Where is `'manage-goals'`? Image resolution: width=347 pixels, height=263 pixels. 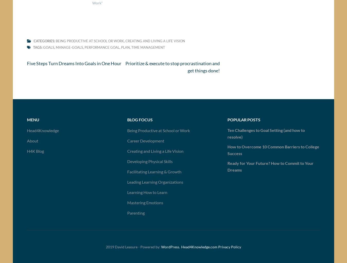
'manage-goals' is located at coordinates (56, 49).